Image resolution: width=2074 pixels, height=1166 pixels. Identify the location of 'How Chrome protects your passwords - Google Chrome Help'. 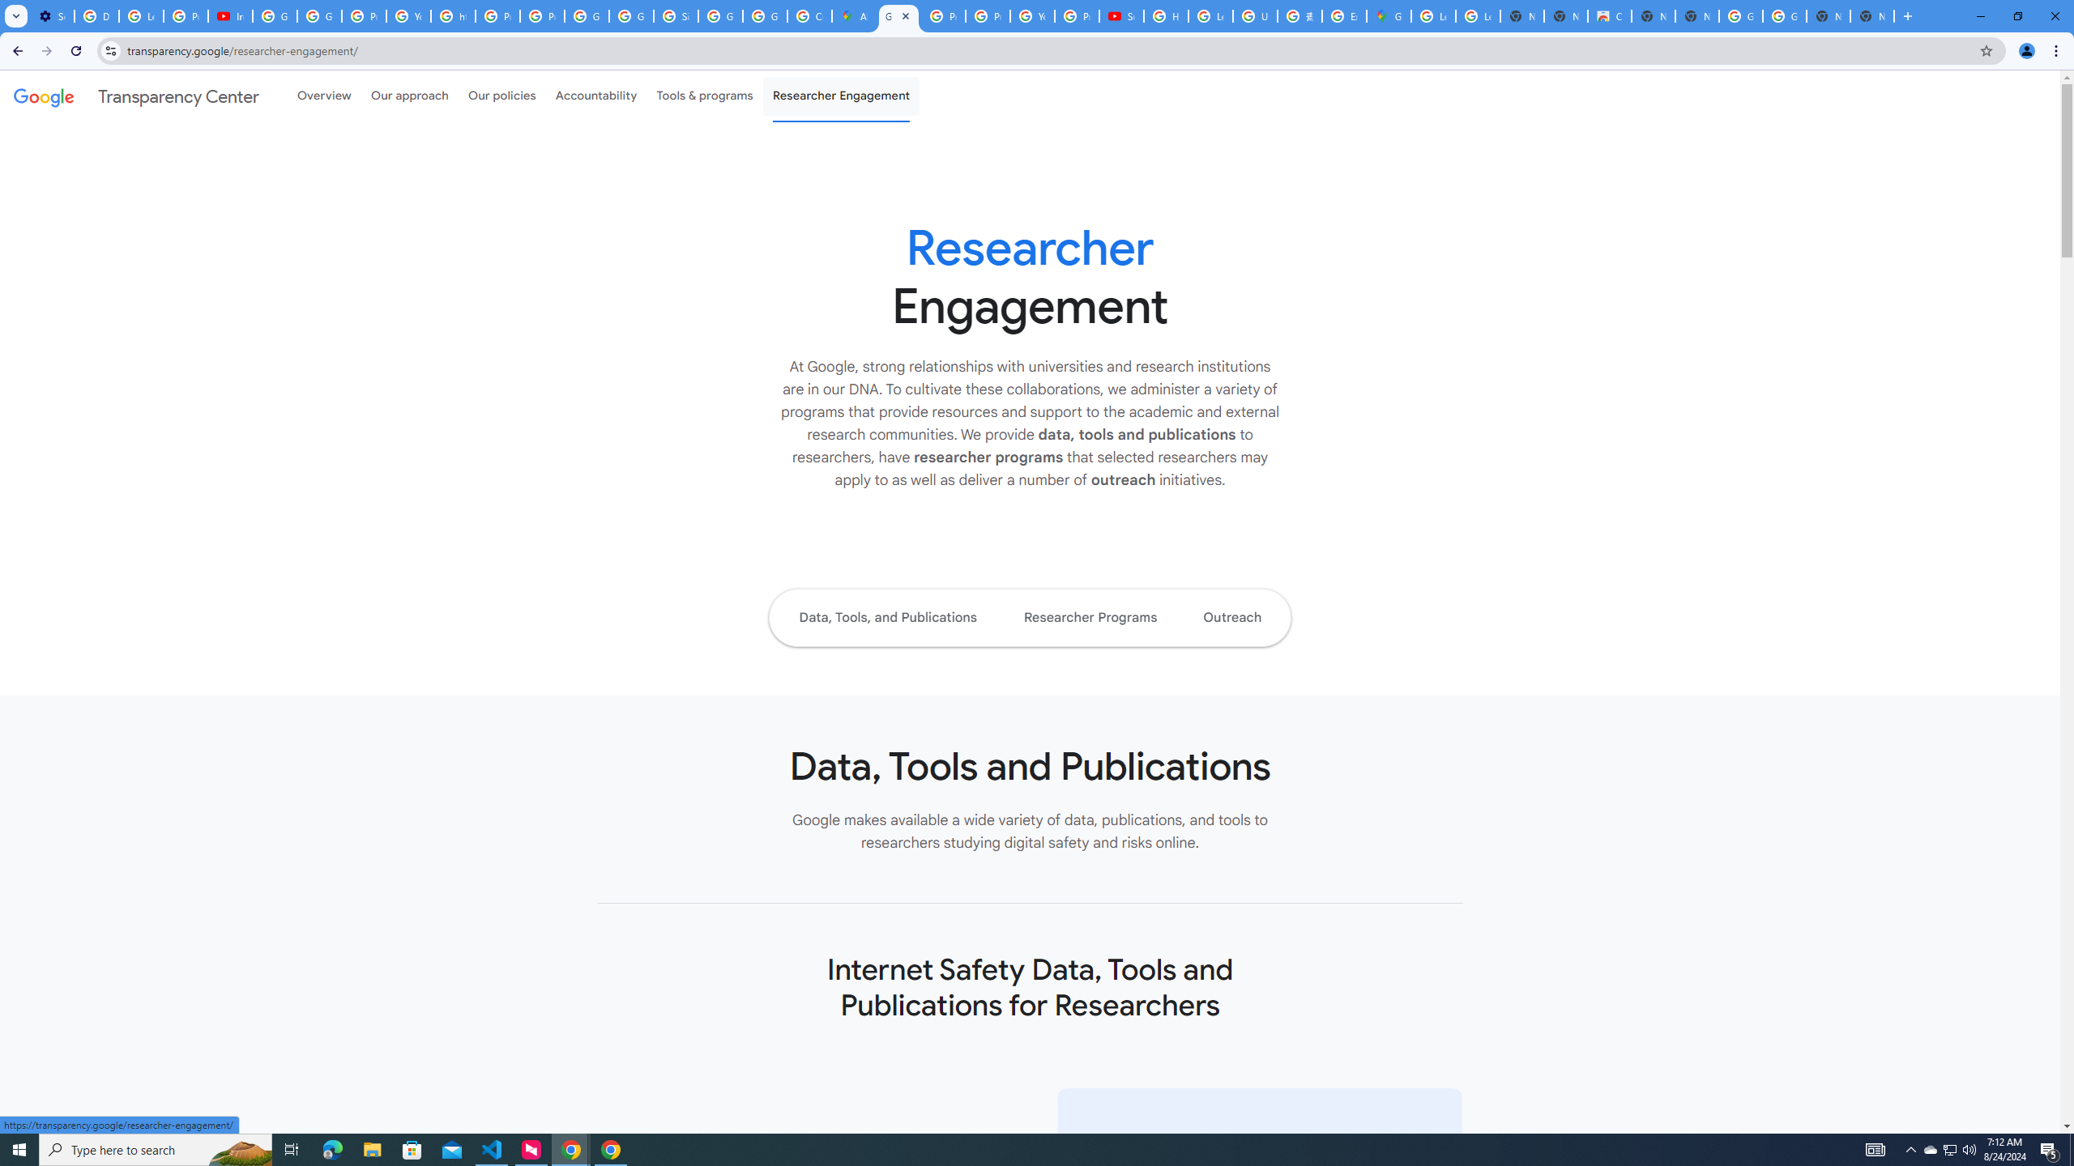
(1166, 15).